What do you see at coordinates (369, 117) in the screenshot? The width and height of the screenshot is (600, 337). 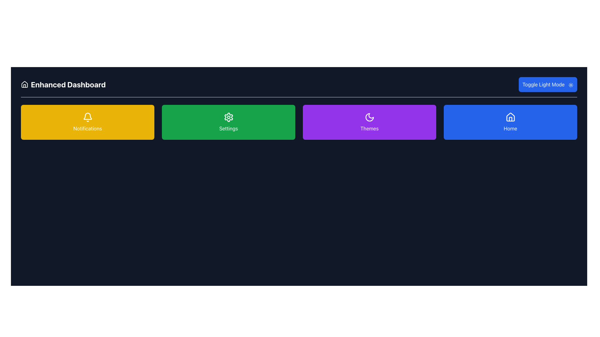 I see `the crescent moon icon within the Themes button, which is the third button from the left in a row of colored buttons` at bounding box center [369, 117].